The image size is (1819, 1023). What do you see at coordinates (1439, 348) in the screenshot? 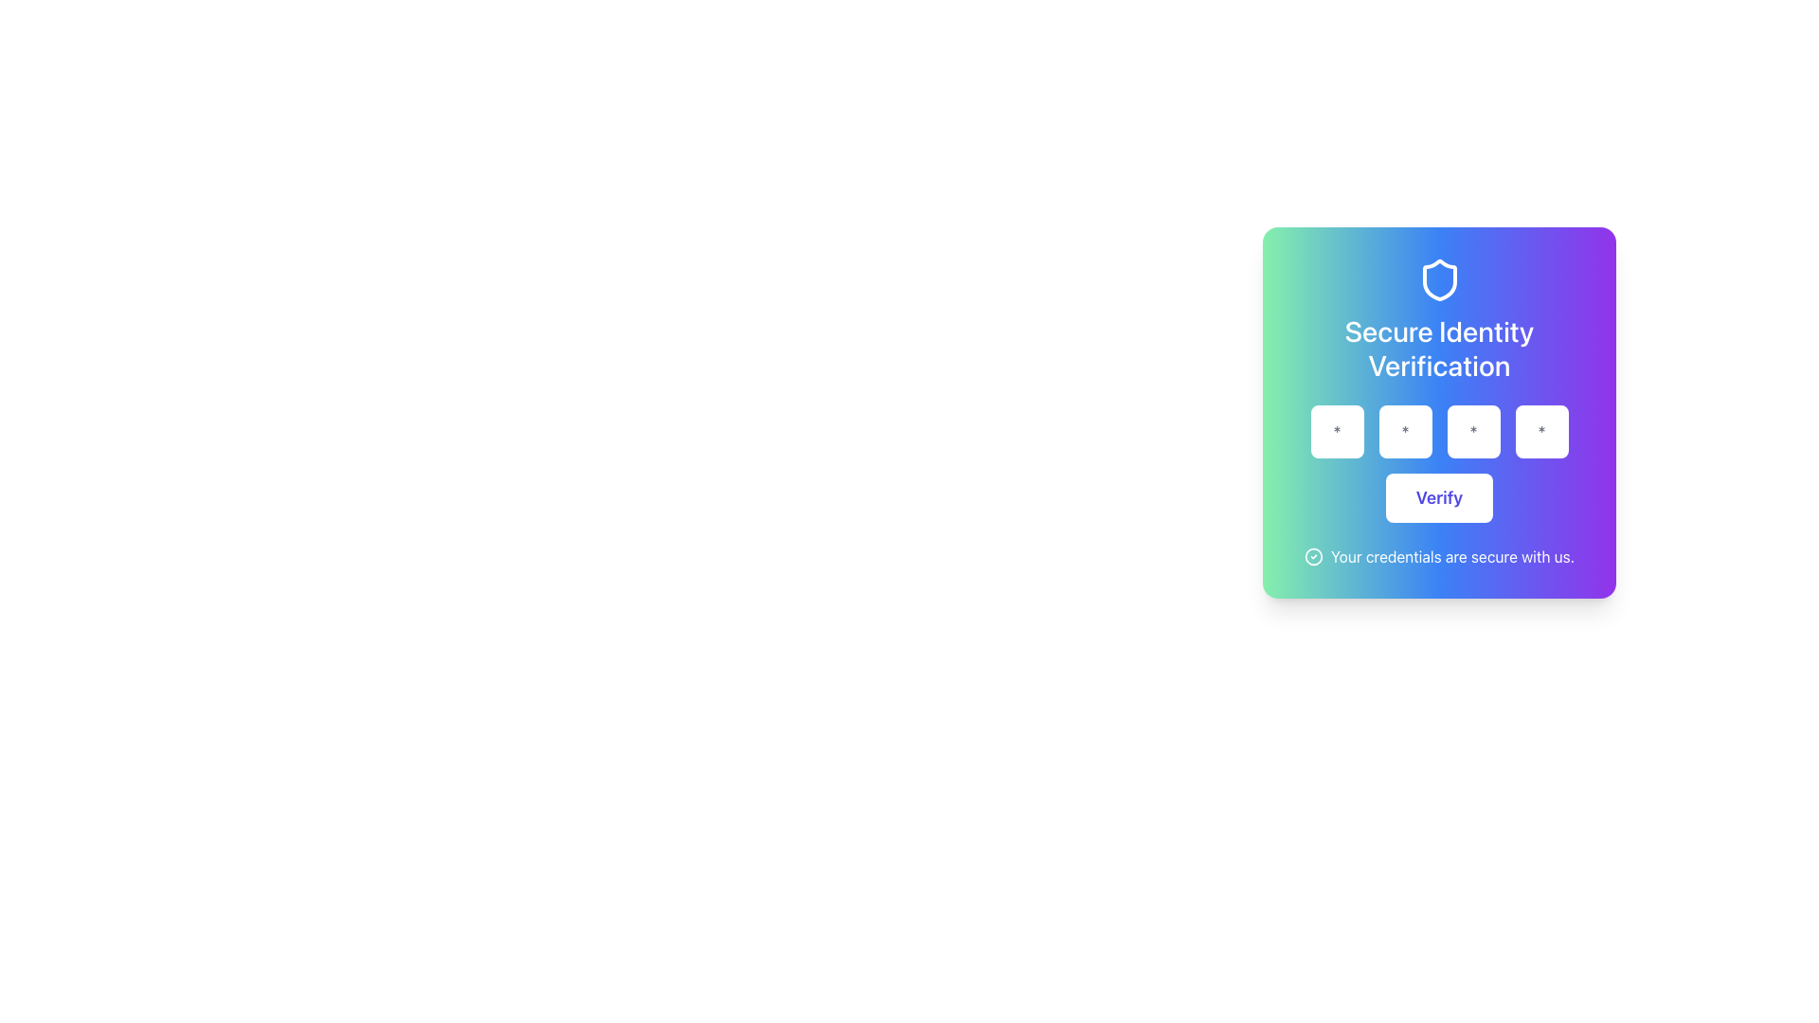
I see `the label displaying 'Secure Identity Verification' in large, bold white font, which is centrally positioned within its gradient background card` at bounding box center [1439, 348].